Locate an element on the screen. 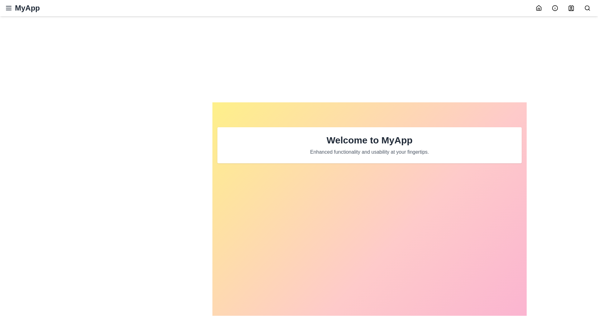  the Home icon in the navigation bar is located at coordinates (538, 8).